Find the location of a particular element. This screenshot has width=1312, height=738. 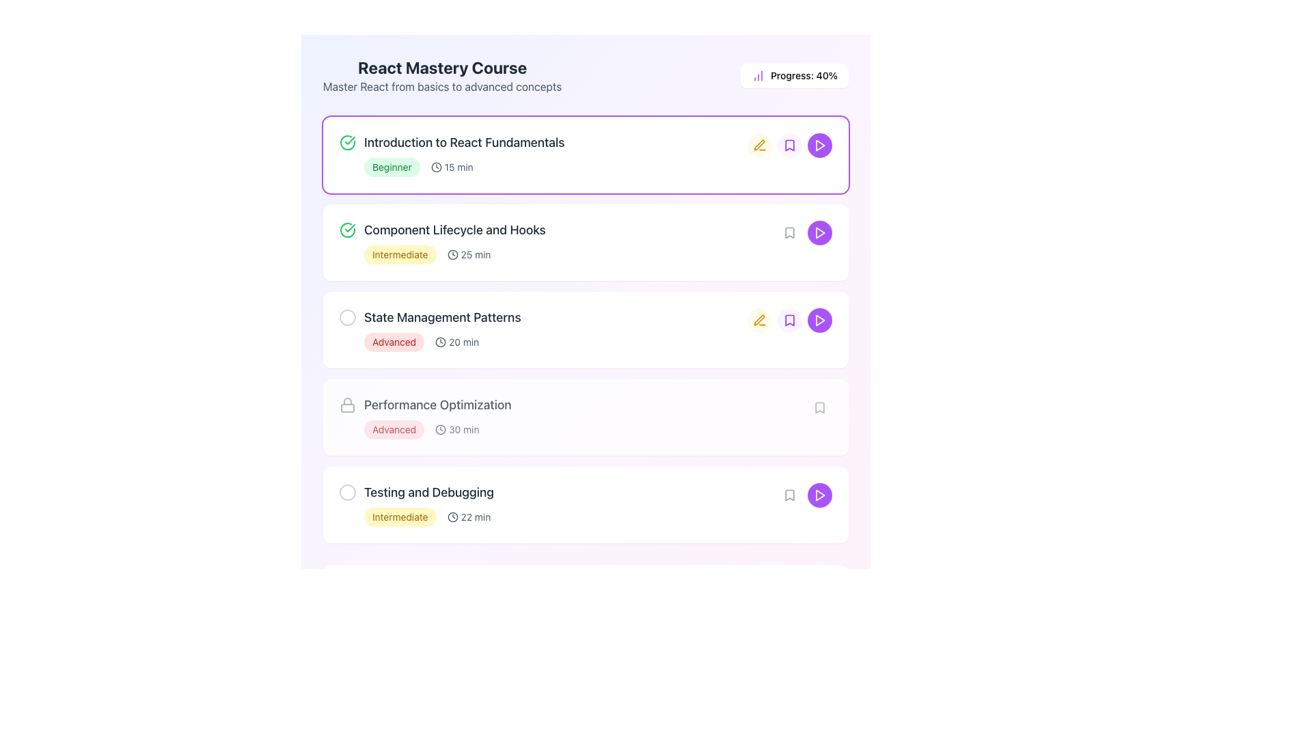

the yellowish-gold minimalist pen icon located to the right of the 'State Management Patterns' row to signify an action is located at coordinates (758, 145).